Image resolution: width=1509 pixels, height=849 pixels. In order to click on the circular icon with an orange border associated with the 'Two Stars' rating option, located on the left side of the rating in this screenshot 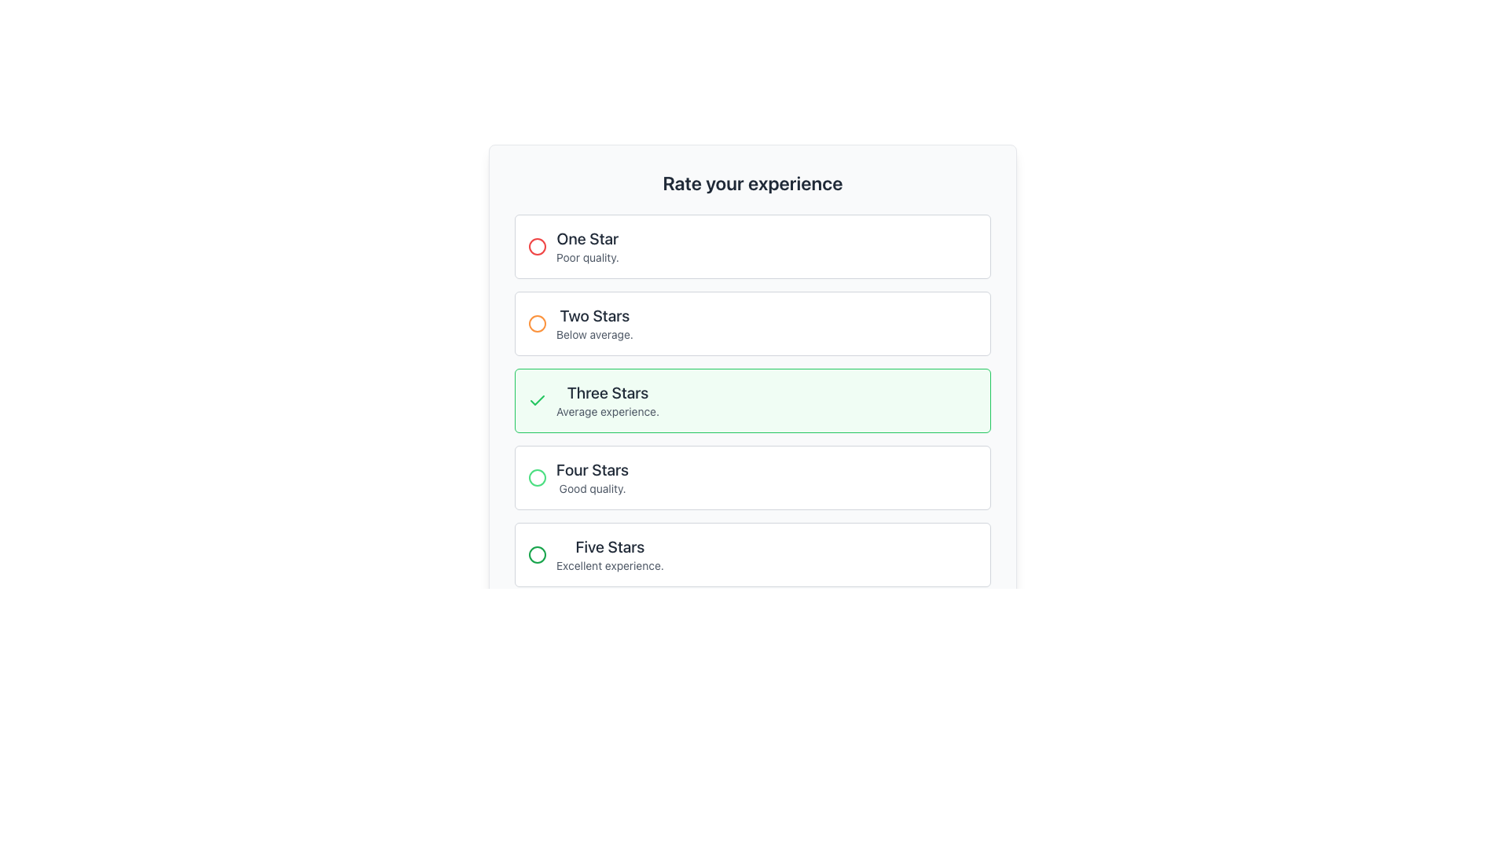, I will do `click(538, 323)`.